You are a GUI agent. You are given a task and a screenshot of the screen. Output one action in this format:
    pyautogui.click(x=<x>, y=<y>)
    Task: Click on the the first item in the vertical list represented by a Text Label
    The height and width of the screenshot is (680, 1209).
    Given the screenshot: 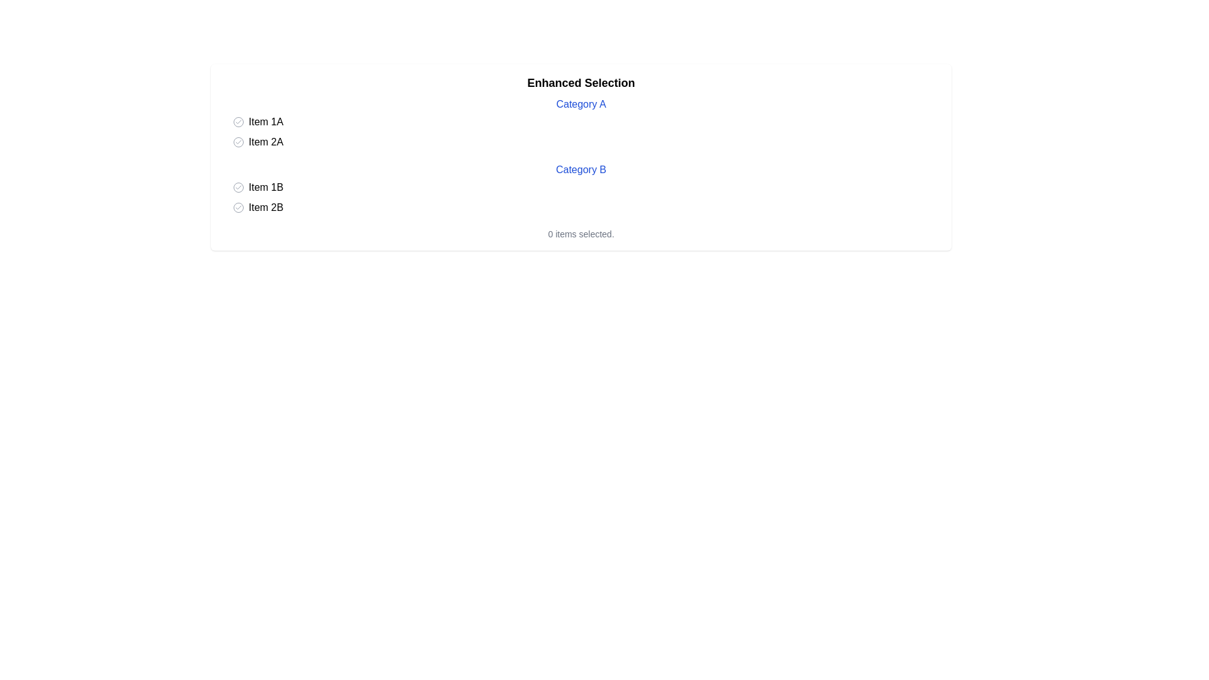 What is the action you would take?
    pyautogui.click(x=265, y=122)
    